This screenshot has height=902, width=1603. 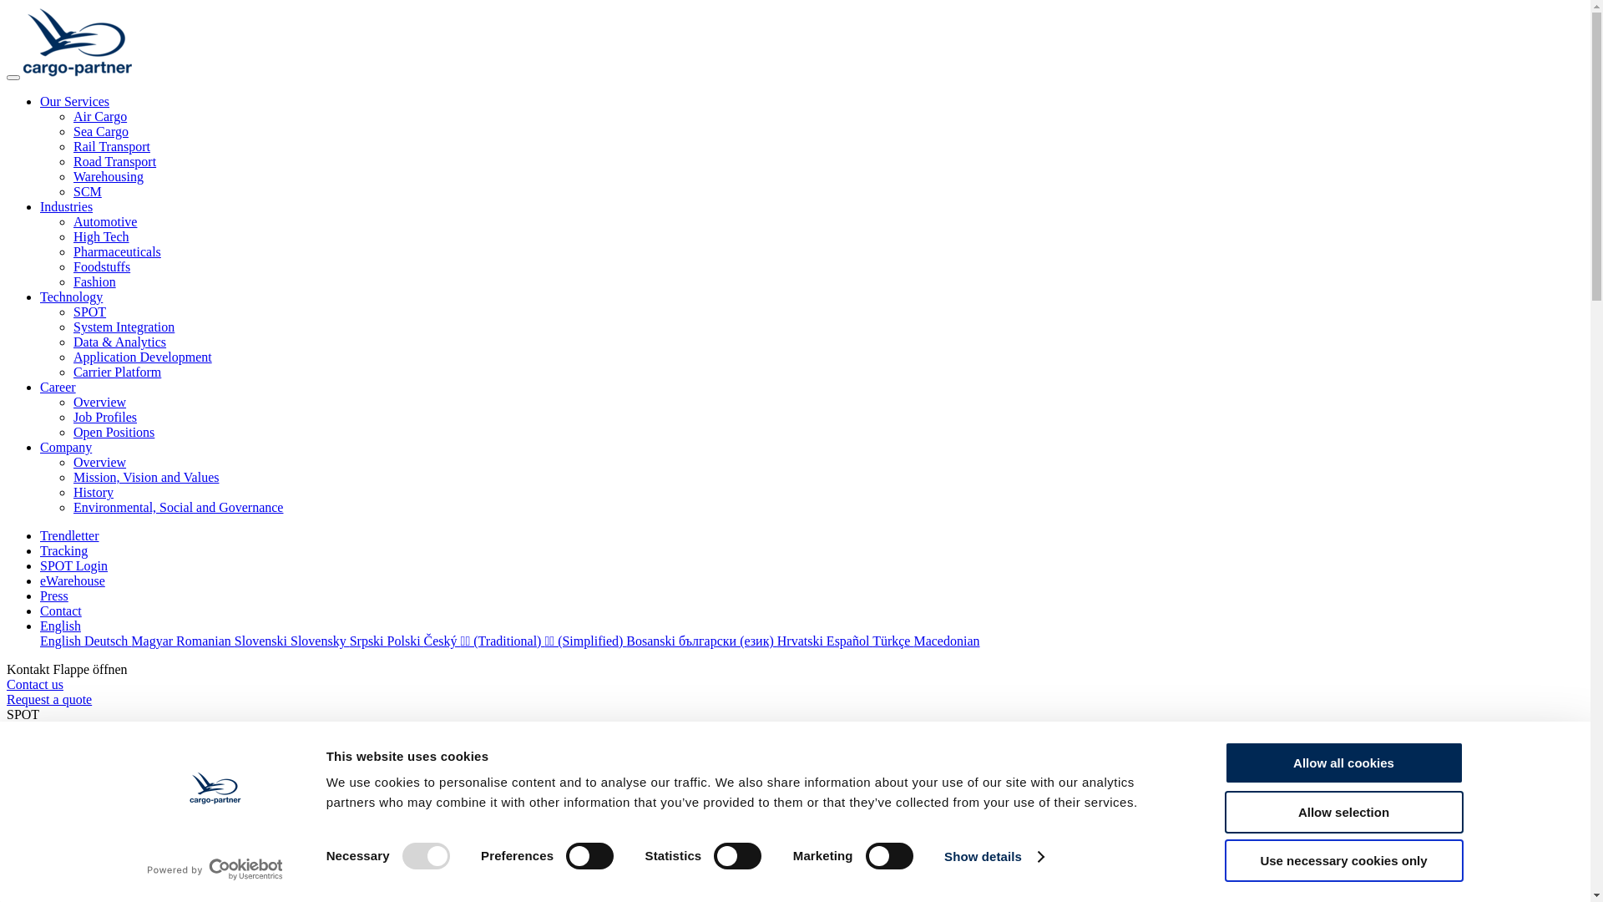 I want to click on 'Application Development', so click(x=72, y=356).